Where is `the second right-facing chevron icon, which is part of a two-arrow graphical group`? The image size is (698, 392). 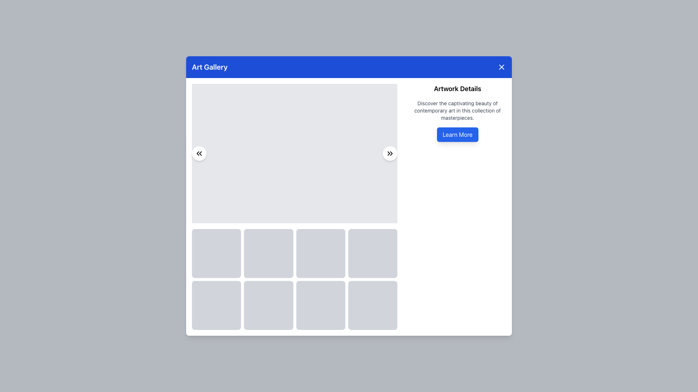 the second right-facing chevron icon, which is part of a two-arrow graphical group is located at coordinates (391, 153).